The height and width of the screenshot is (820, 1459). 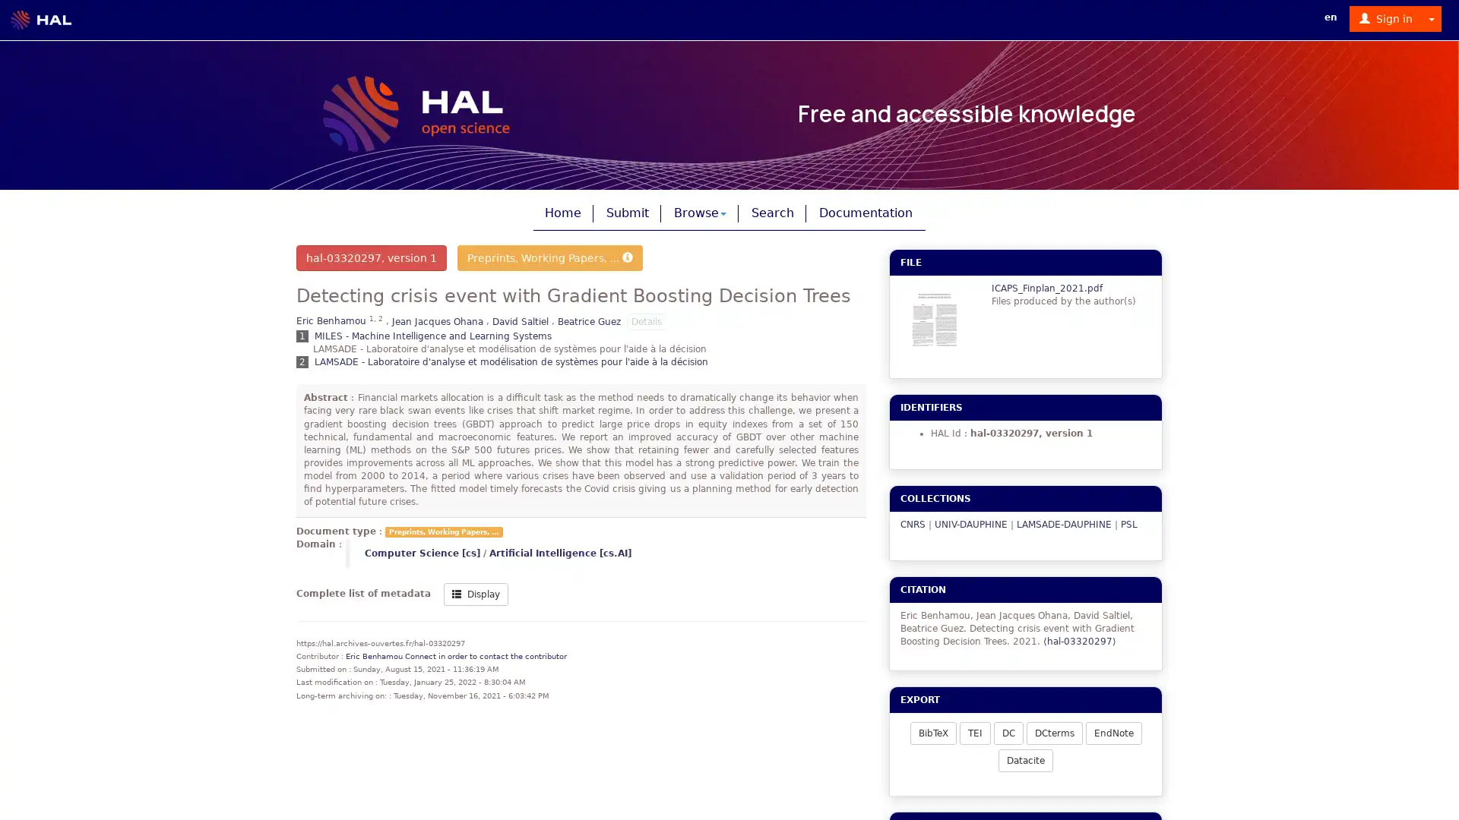 I want to click on Display, so click(x=475, y=593).